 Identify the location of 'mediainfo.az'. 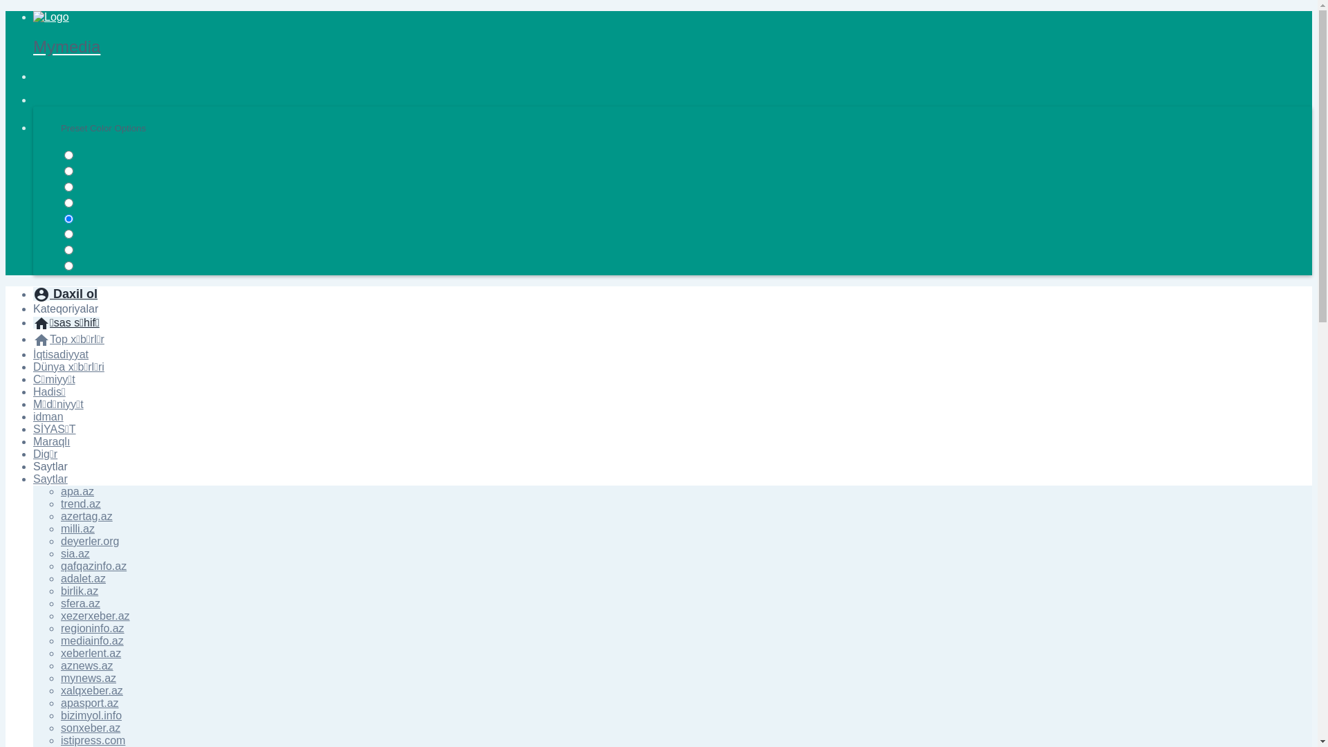
(91, 640).